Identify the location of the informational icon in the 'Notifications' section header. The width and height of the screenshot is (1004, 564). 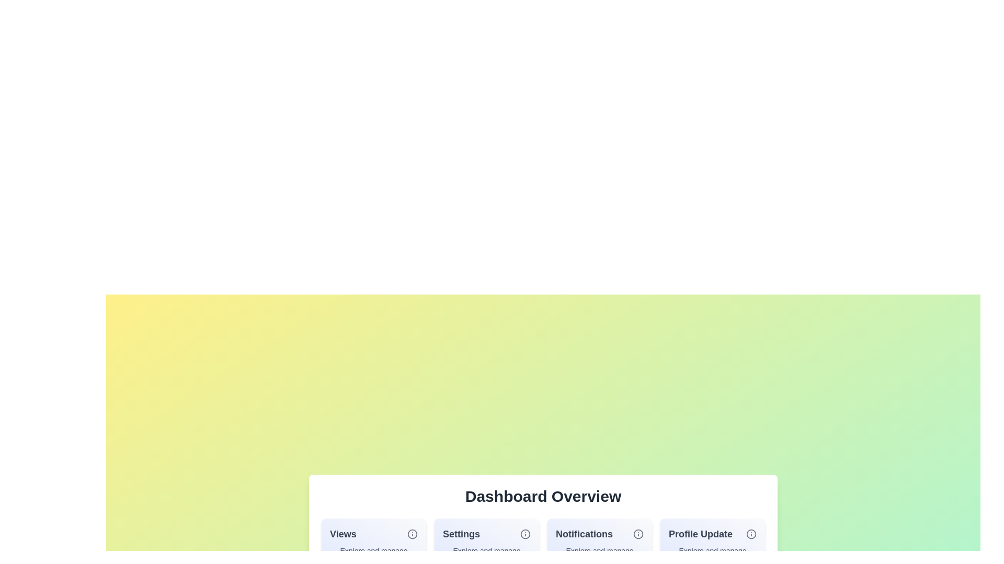
(600, 534).